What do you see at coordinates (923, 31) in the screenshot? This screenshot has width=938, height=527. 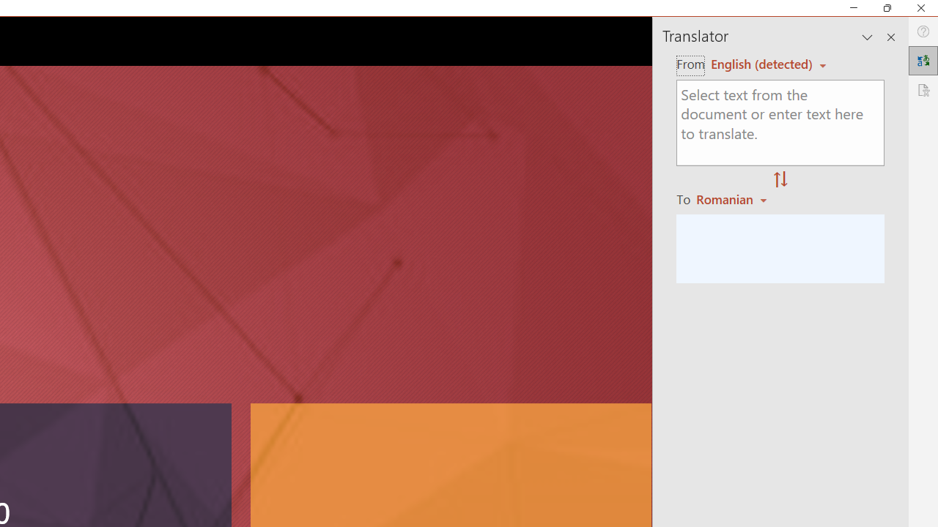 I see `'Help'` at bounding box center [923, 31].